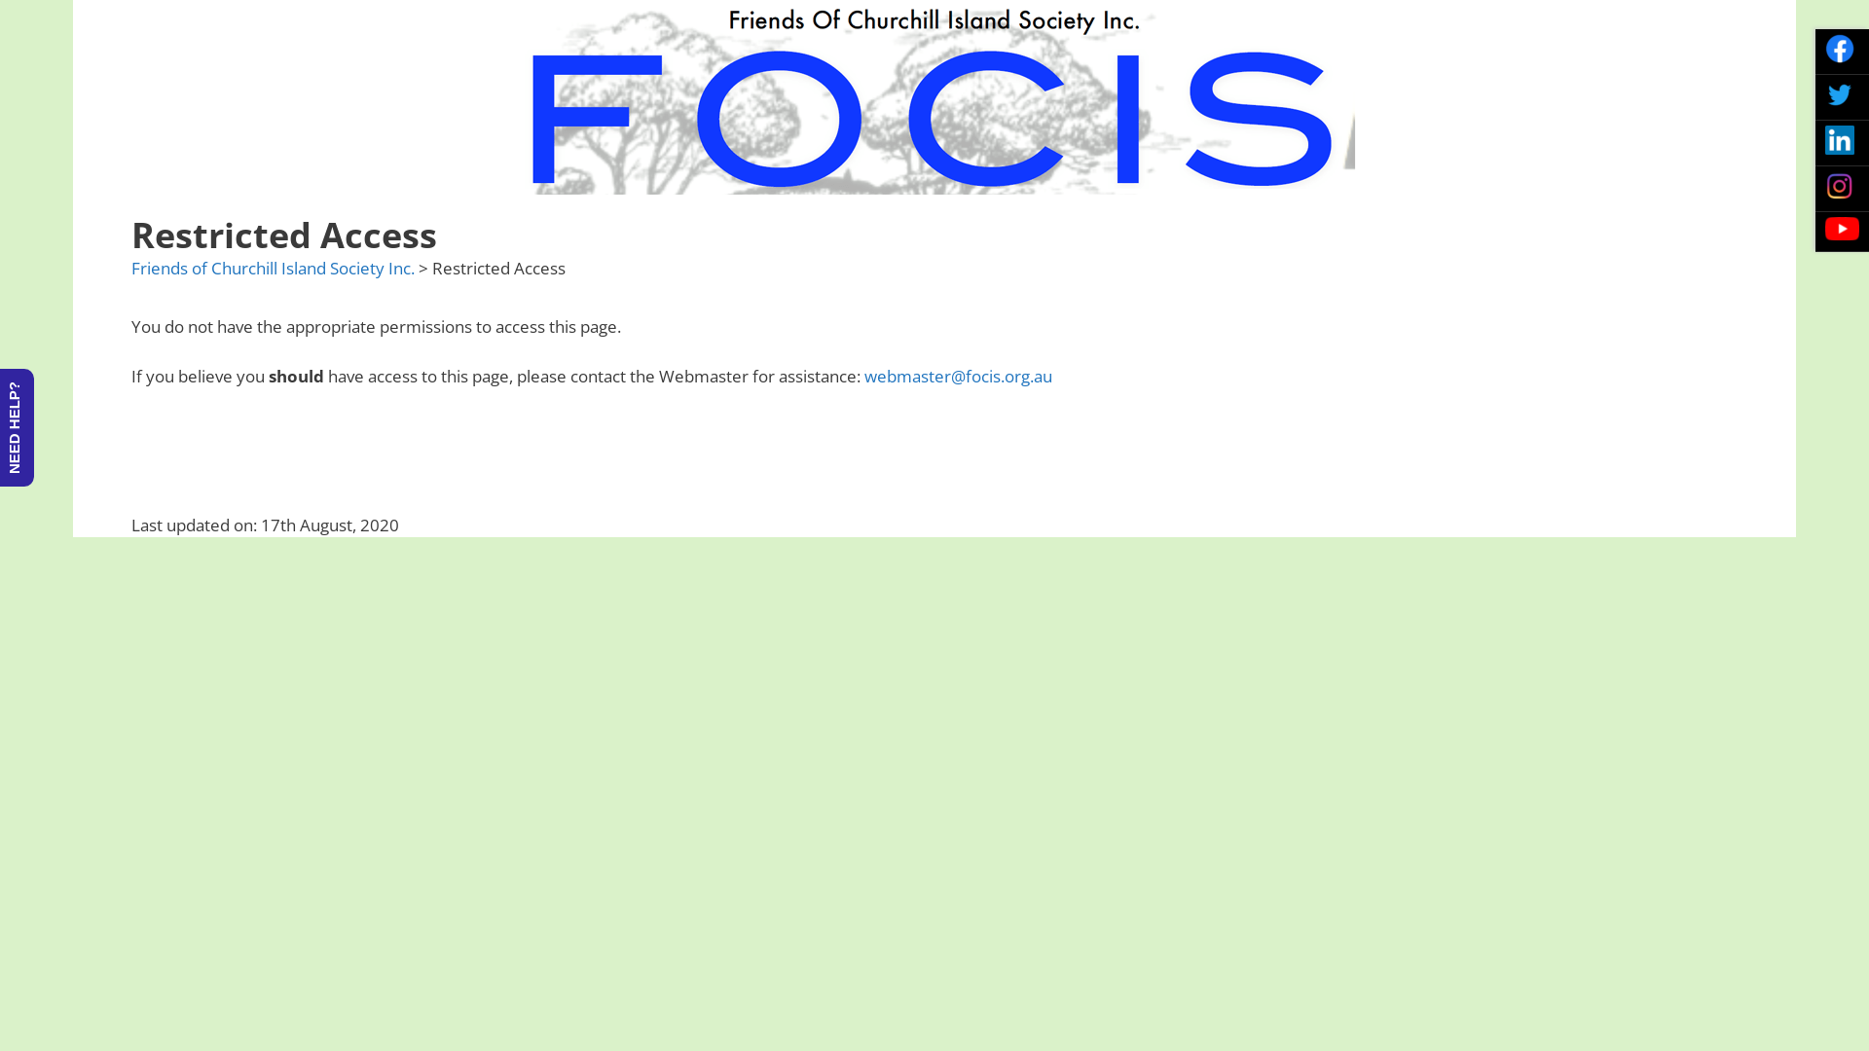 Image resolution: width=1869 pixels, height=1051 pixels. I want to click on 'Twitter', so click(1839, 93).